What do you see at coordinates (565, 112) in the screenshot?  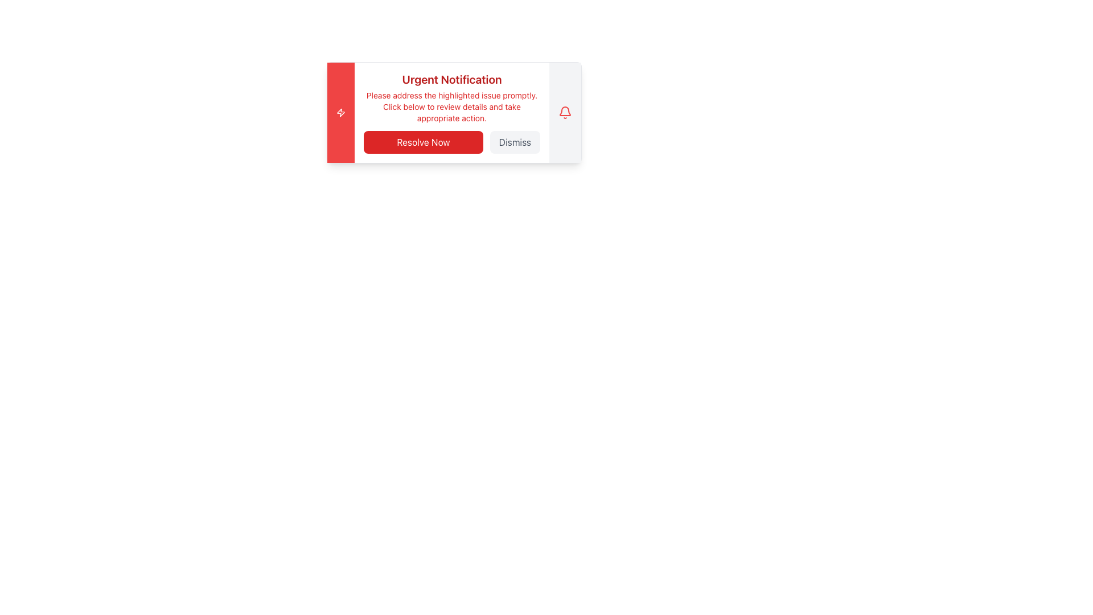 I see `the notification icon located at the far right of the notification card, next to the 'Dismiss' button` at bounding box center [565, 112].